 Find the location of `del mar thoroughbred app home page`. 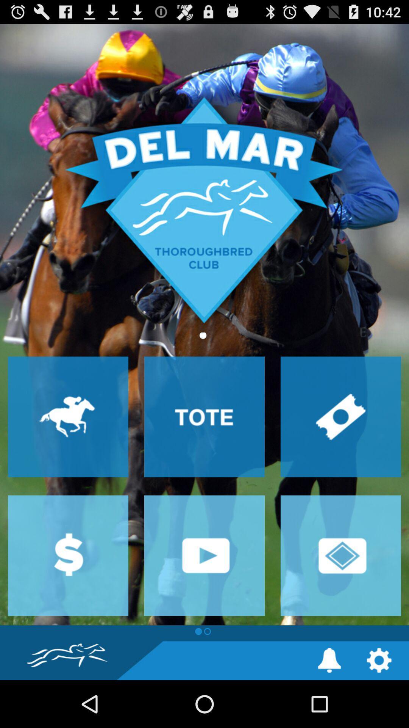

del mar thoroughbred app home page is located at coordinates (204, 325).